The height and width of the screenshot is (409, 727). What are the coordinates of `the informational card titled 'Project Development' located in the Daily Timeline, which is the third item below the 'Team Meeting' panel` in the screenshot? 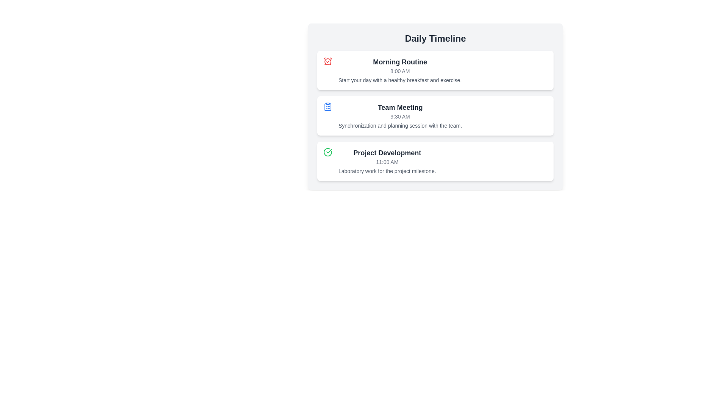 It's located at (435, 161).